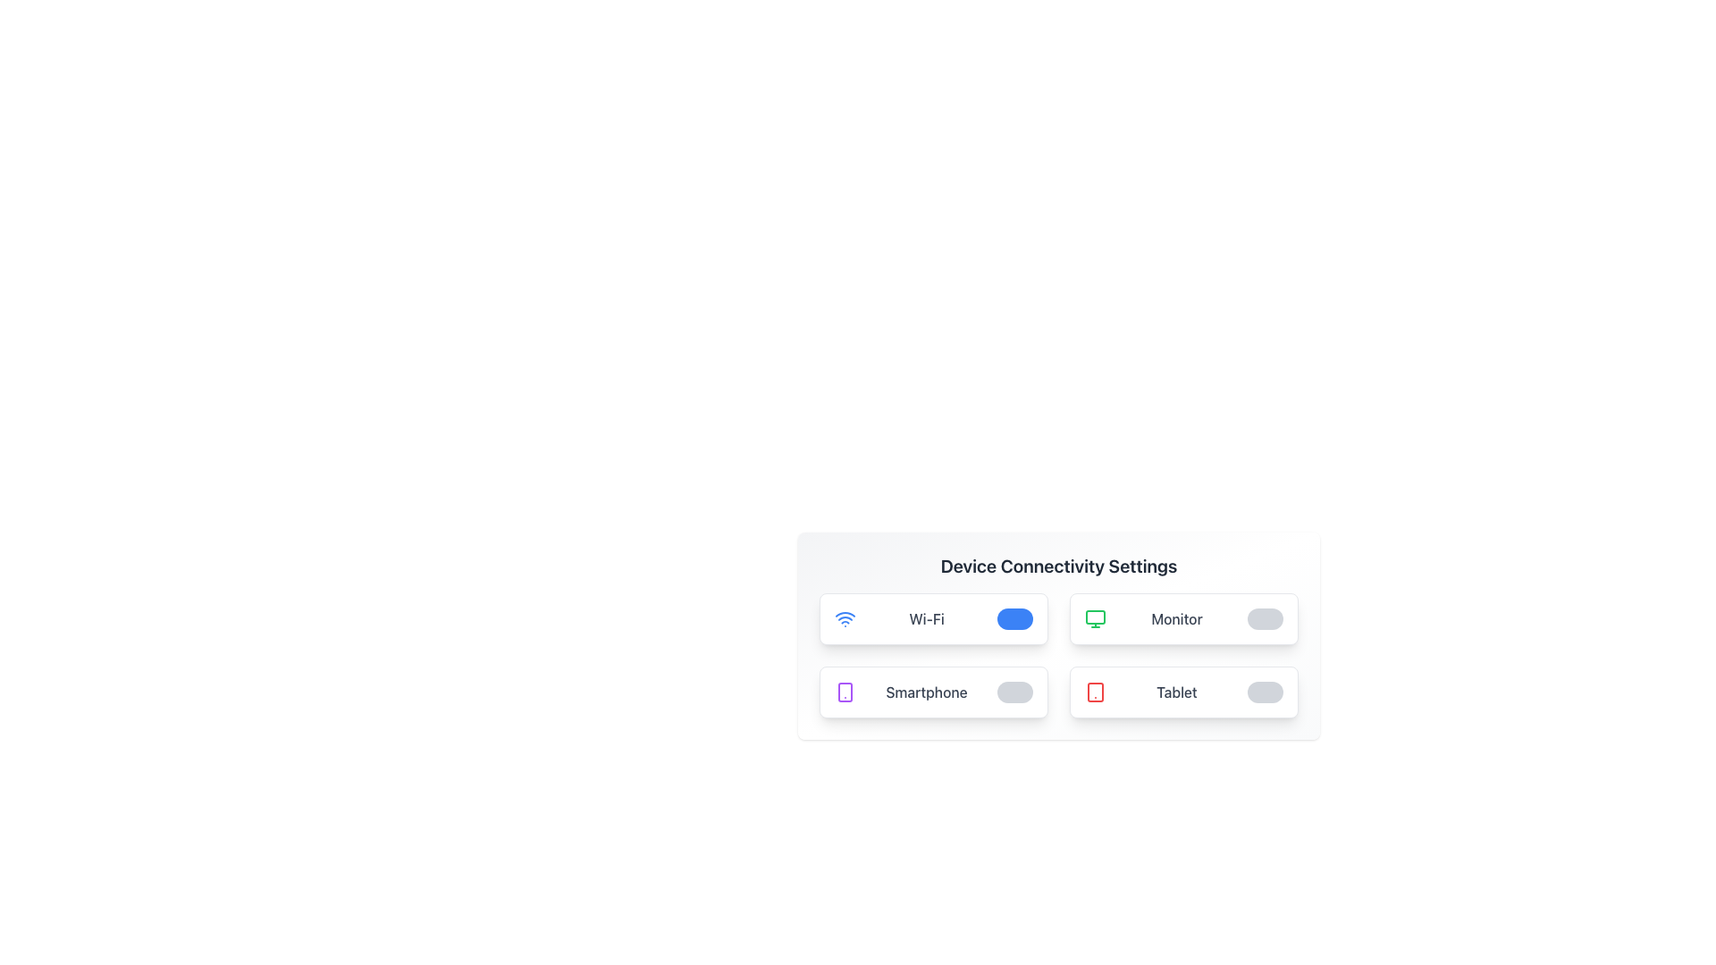 The image size is (1716, 965). What do you see at coordinates (1176, 692) in the screenshot?
I see `the 'Tablet' text label element, which is styled with medium font weight and gray color, located in the bottom-right corner of a grid layout, adjacent to a tablet icon on the left and a toggle switch on the right` at bounding box center [1176, 692].